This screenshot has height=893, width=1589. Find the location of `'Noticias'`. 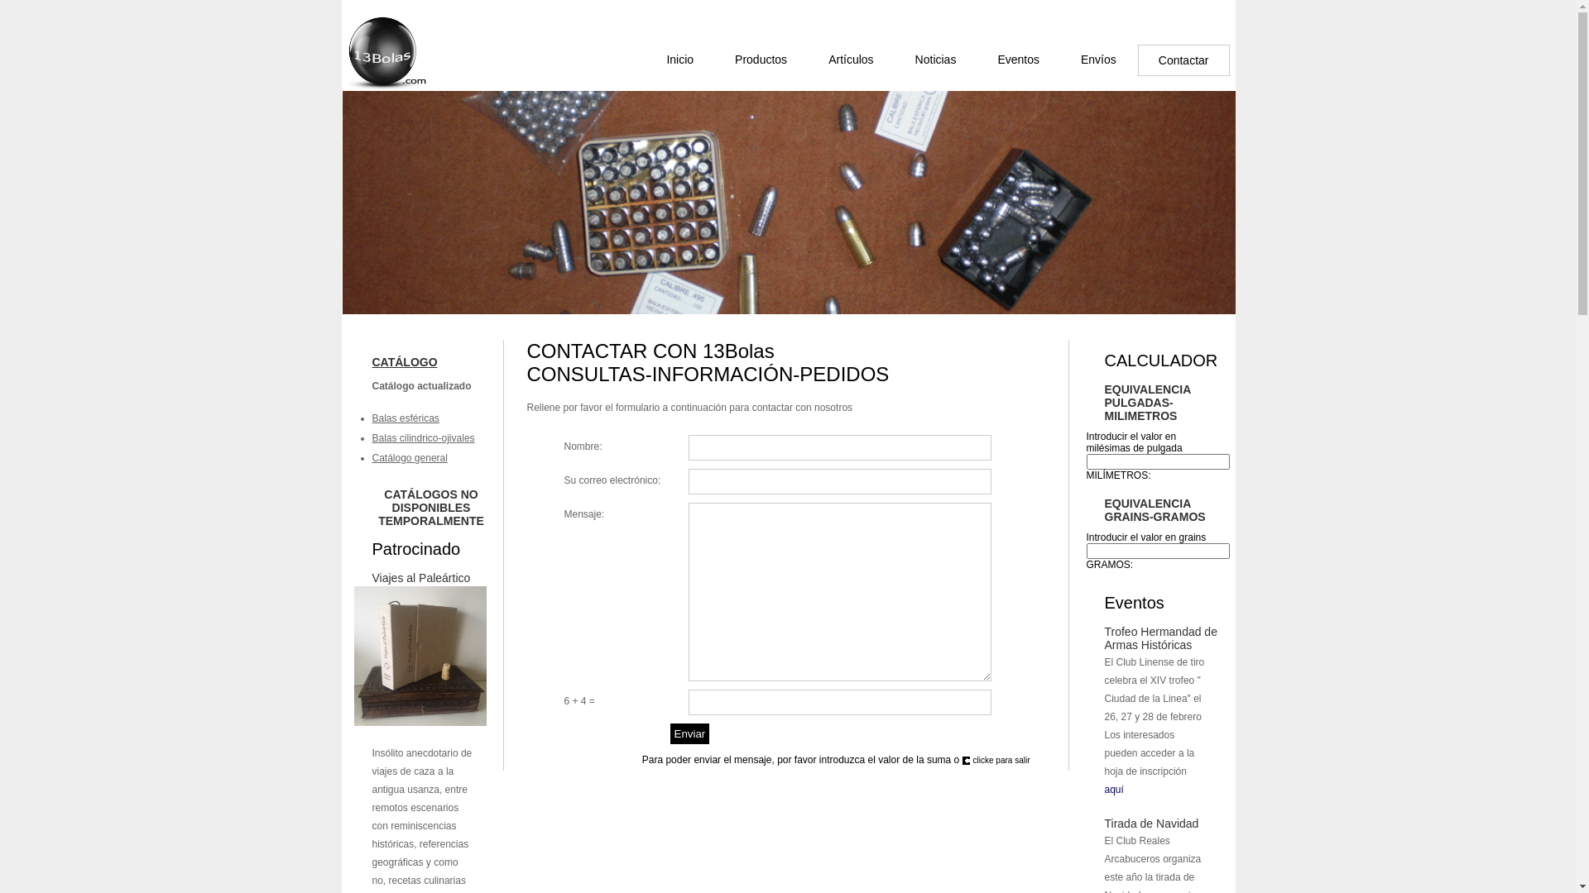

'Noticias' is located at coordinates (936, 59).